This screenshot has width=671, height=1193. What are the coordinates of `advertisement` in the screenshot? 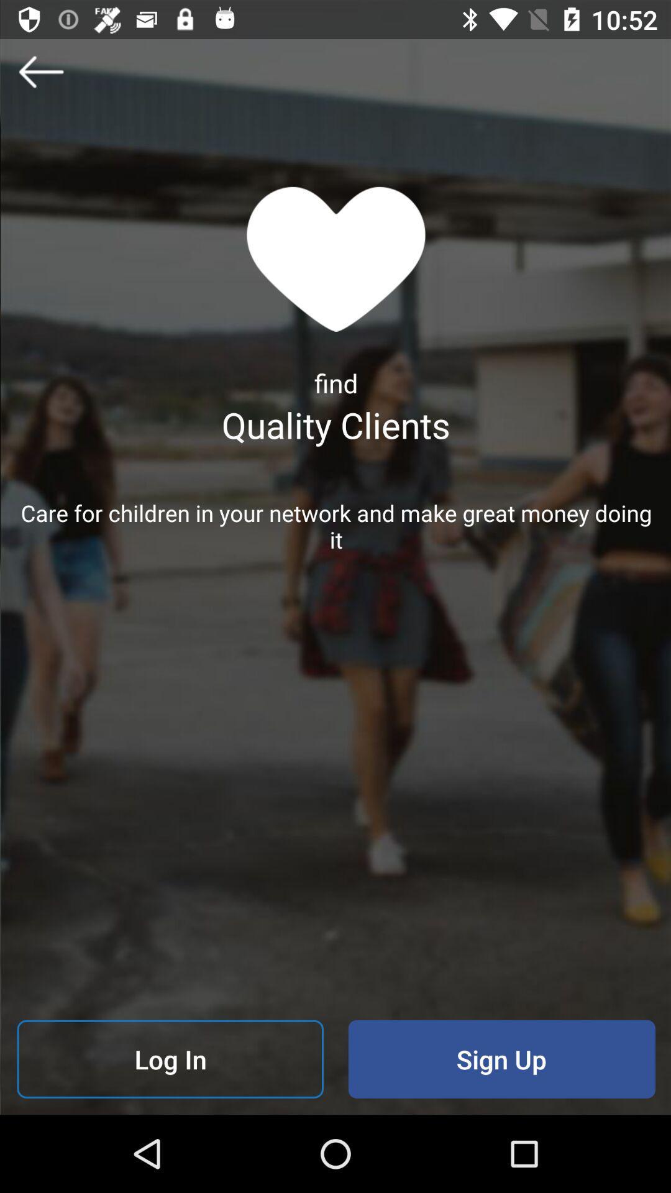 It's located at (40, 71).